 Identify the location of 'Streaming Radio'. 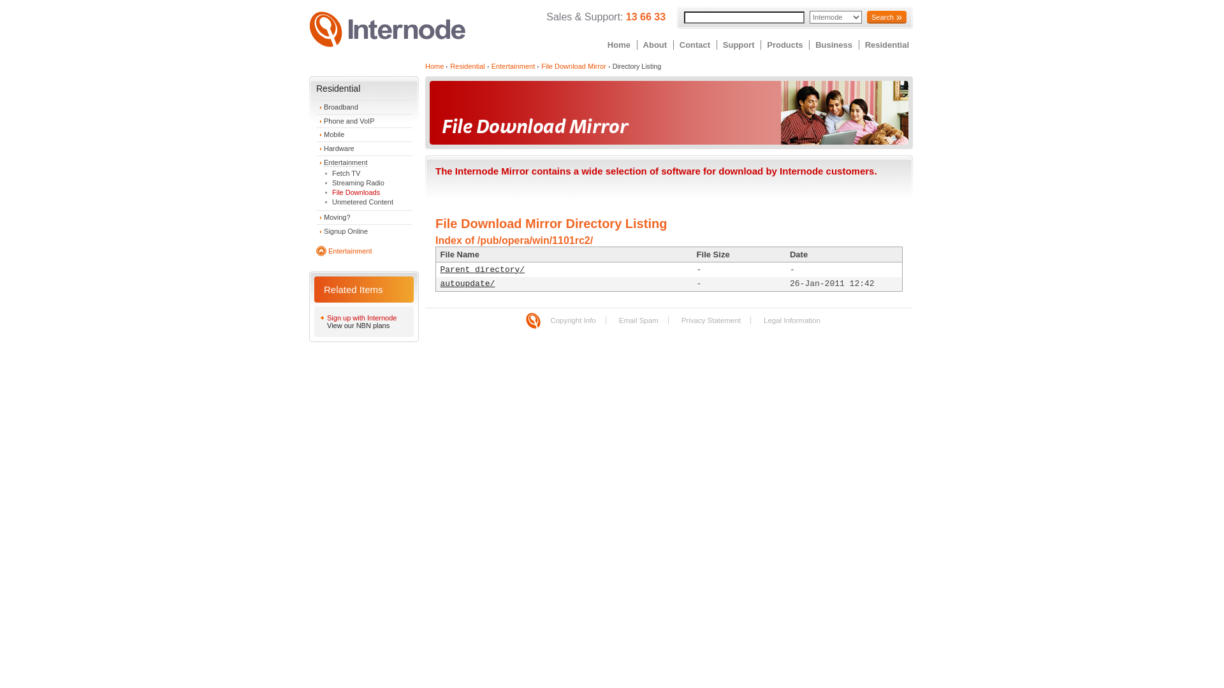
(357, 182).